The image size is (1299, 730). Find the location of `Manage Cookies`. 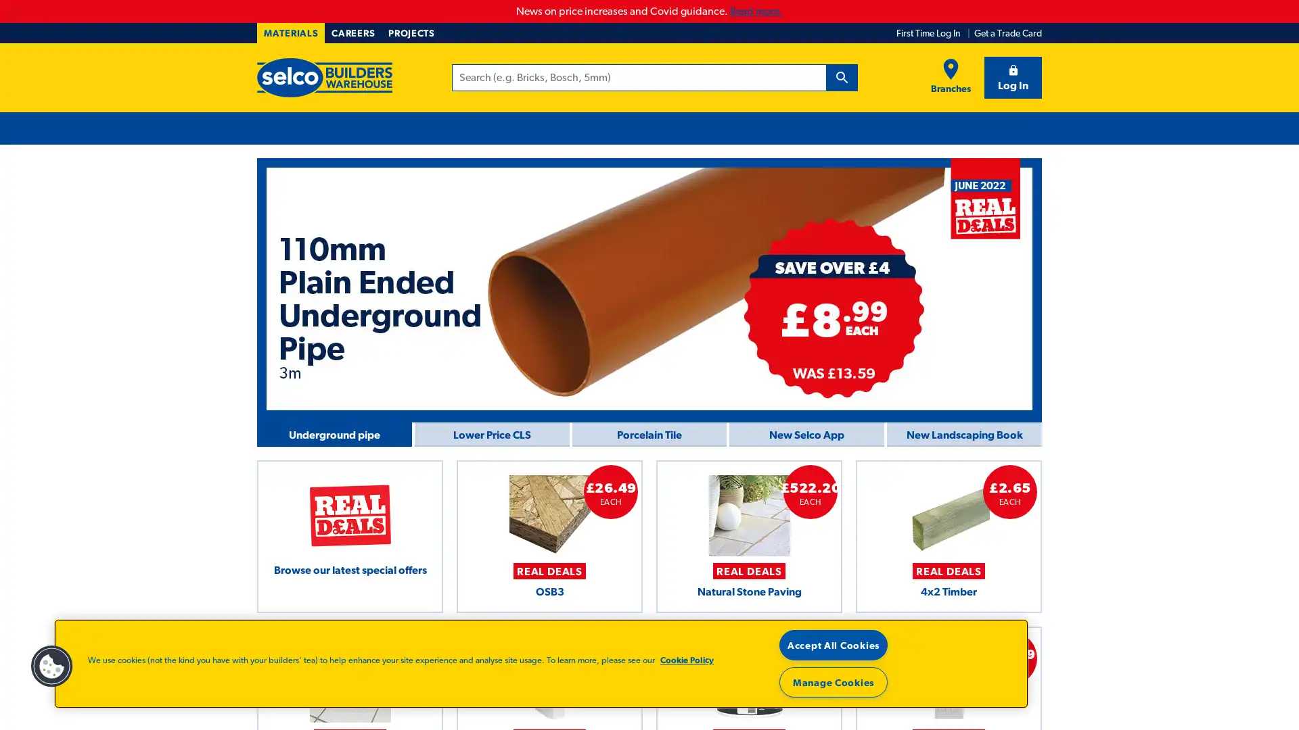

Manage Cookies is located at coordinates (833, 682).